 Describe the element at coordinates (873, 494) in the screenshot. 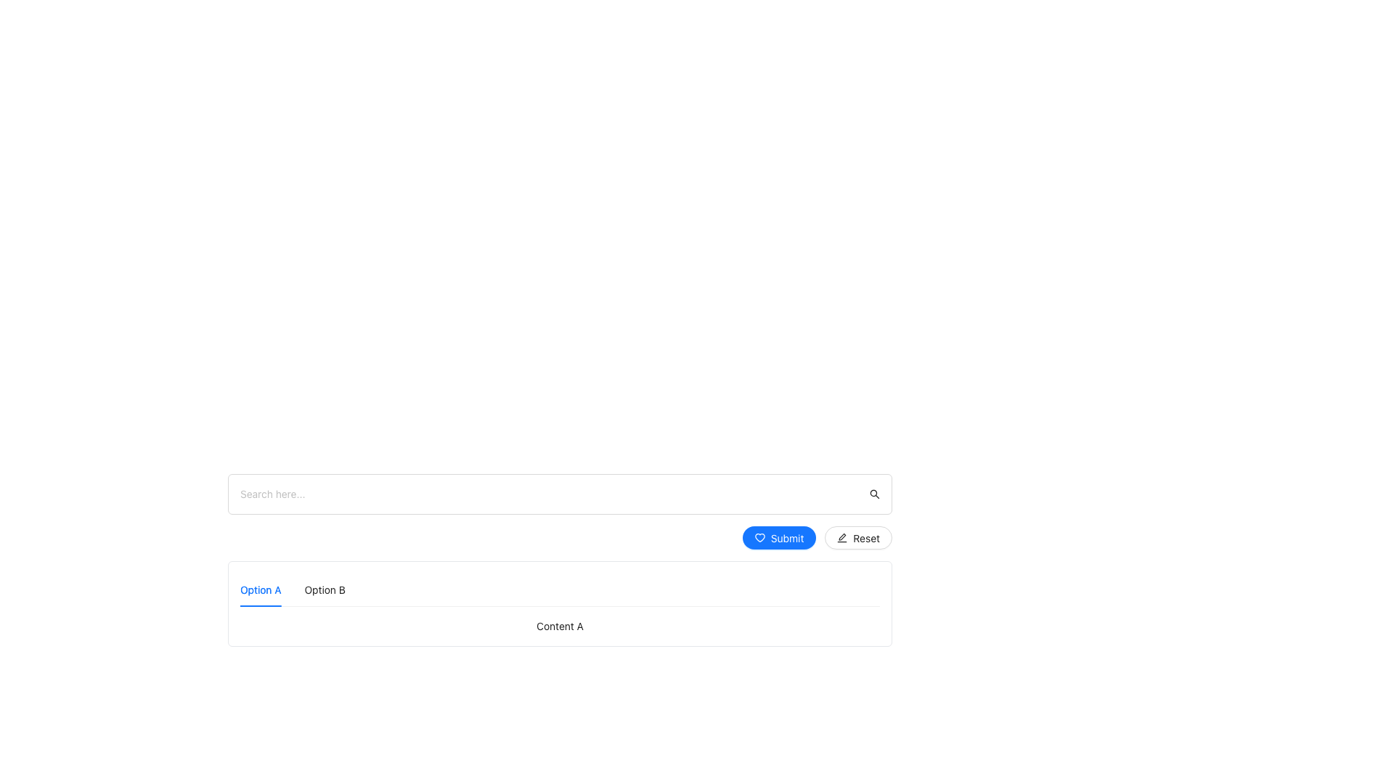

I see `the search icon located at the far-right end of the search bar` at that location.